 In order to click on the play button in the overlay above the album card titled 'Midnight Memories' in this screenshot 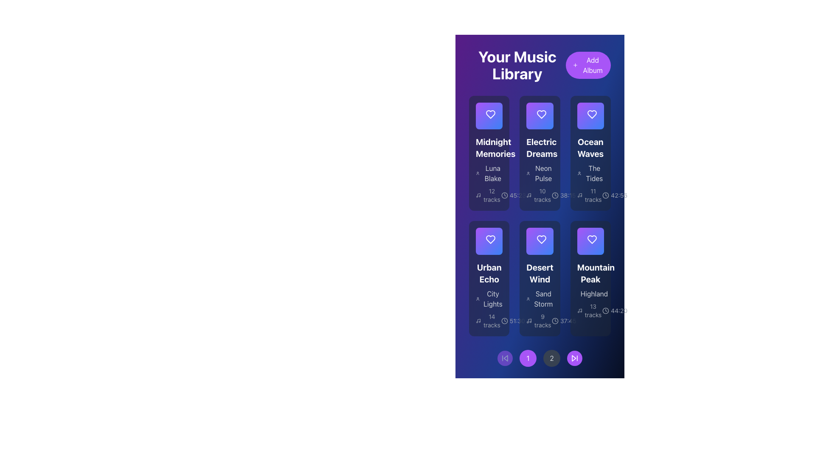, I will do `click(489, 116)`.